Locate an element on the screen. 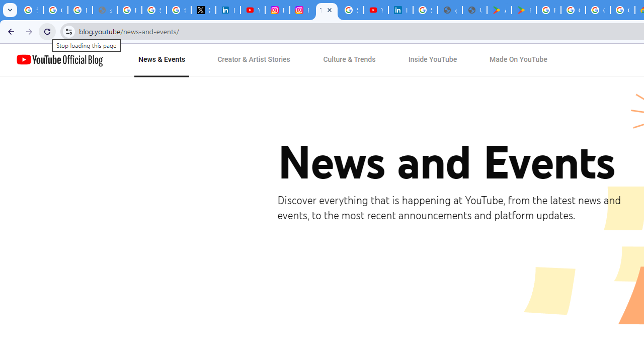 The image size is (644, 362). 'X' is located at coordinates (203, 10).